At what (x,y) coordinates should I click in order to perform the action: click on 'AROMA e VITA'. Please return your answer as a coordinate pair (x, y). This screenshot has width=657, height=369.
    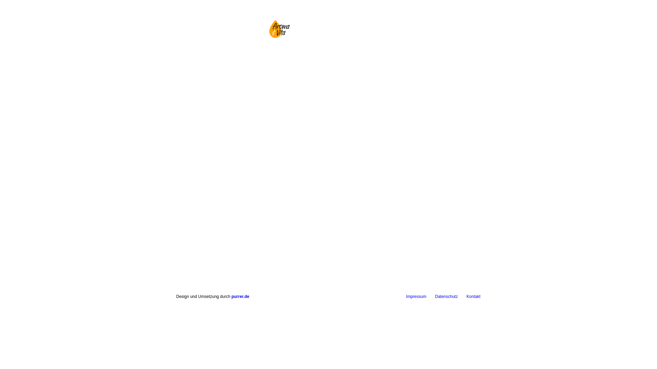
    Looking at the image, I should click on (279, 28).